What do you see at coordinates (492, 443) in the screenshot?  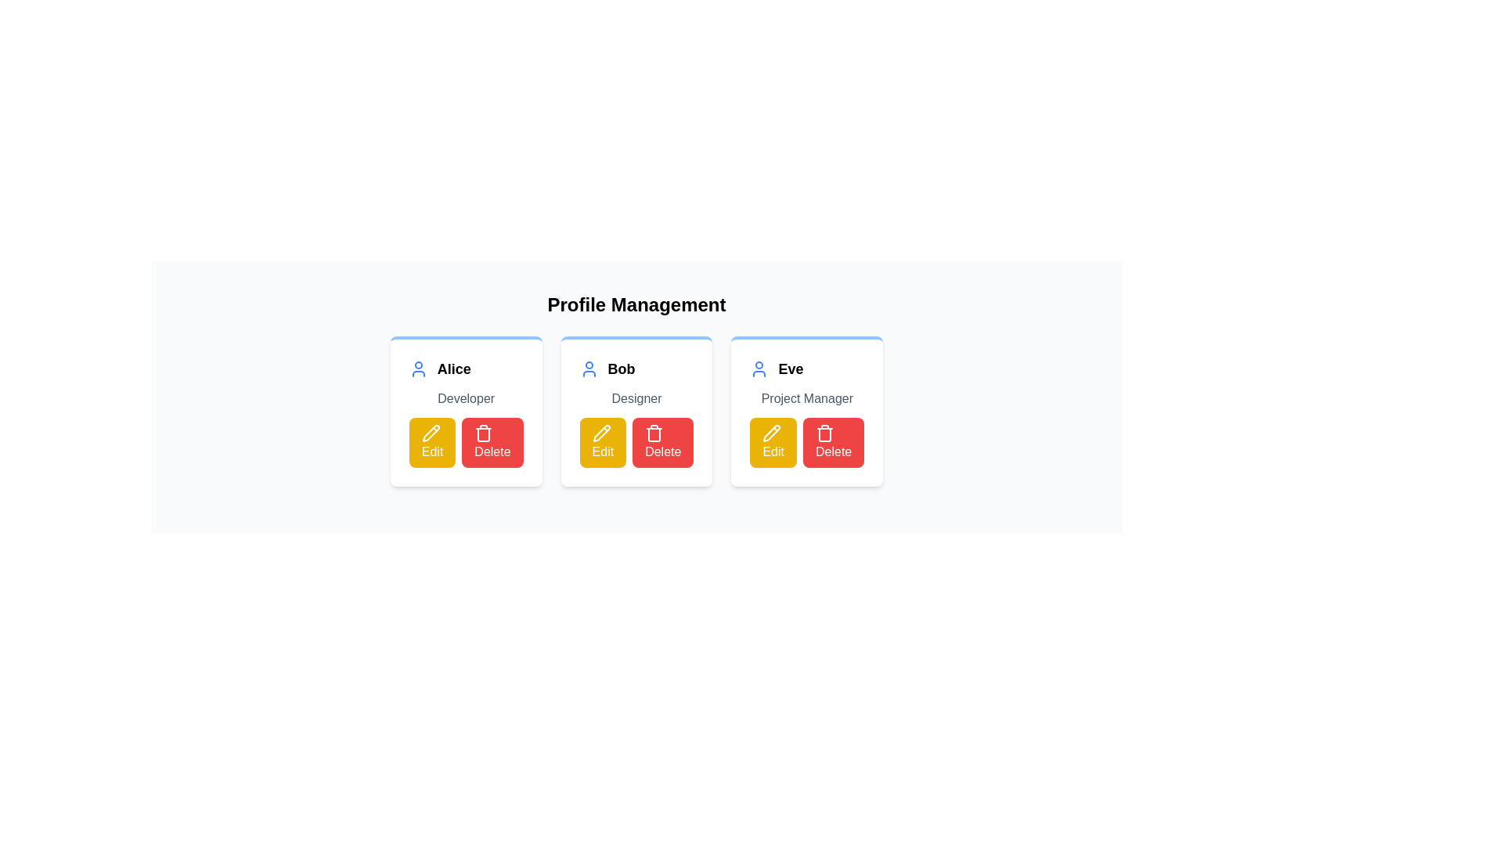 I see `the 'Delete' button, which is a rectangular button with rounded corners, featuring a red background and white text` at bounding box center [492, 443].